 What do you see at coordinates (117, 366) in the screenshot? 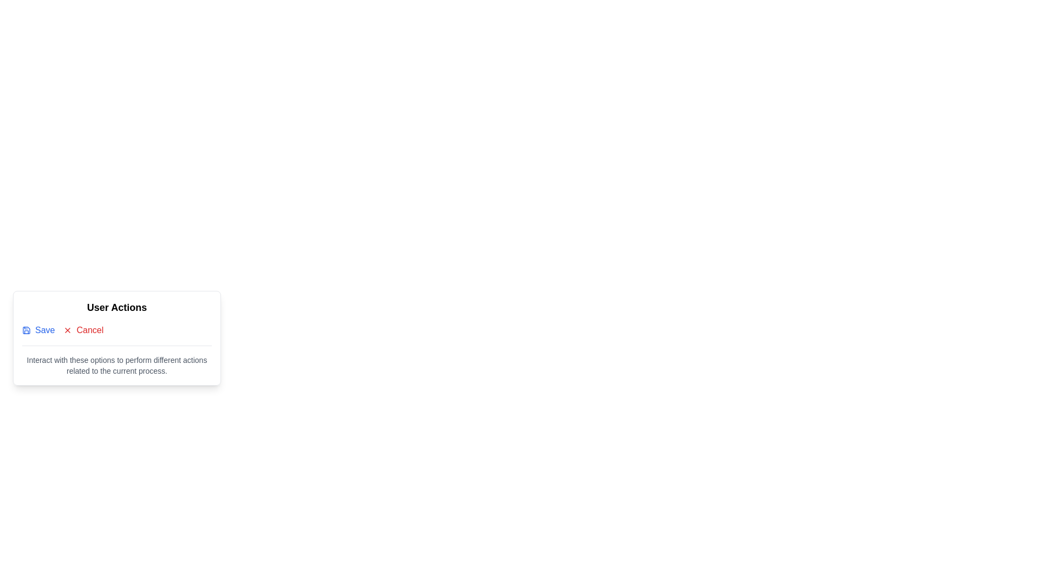
I see `the informational text displaying the message: 'Interact with these options to perform different actions related to the current process.'` at bounding box center [117, 366].